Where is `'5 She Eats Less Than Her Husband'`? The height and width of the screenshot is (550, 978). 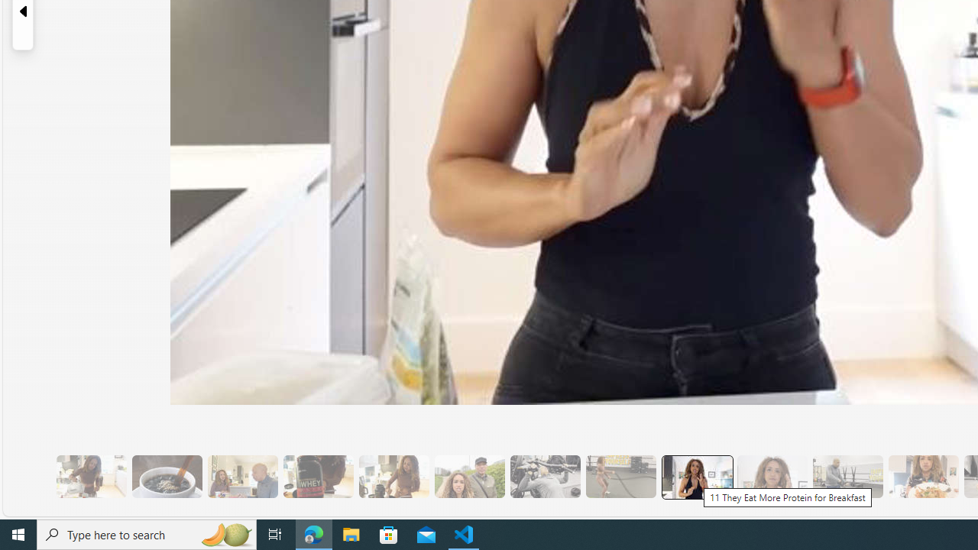 '5 She Eats Less Than Her Husband' is located at coordinates (241, 476).